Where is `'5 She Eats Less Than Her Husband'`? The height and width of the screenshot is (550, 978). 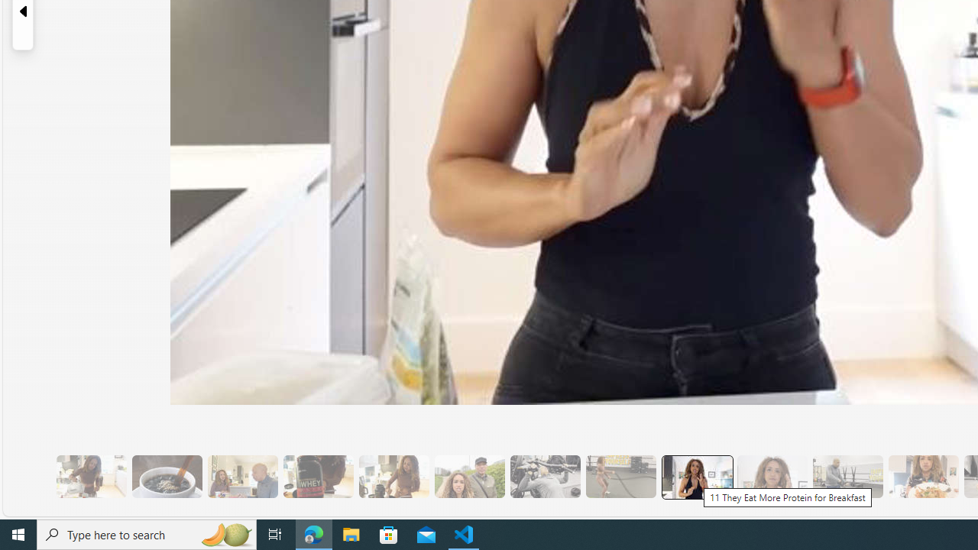 '5 She Eats Less Than Her Husband' is located at coordinates (241, 476).